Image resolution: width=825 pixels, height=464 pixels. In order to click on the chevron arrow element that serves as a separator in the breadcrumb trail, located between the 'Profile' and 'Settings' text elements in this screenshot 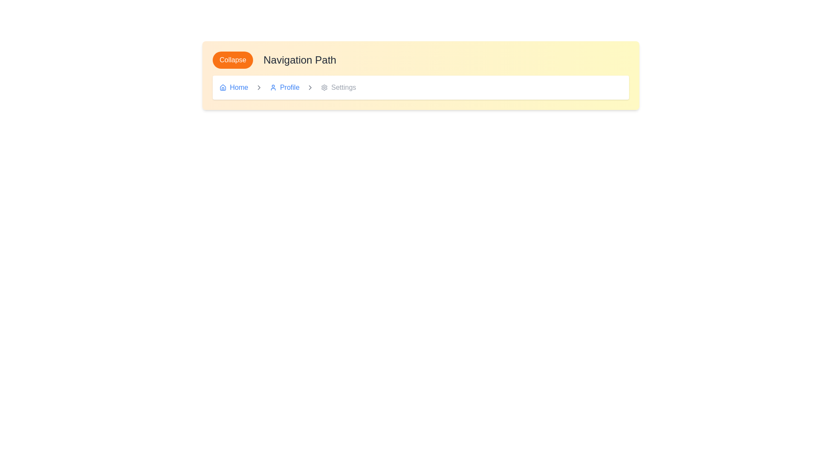, I will do `click(258, 88)`.